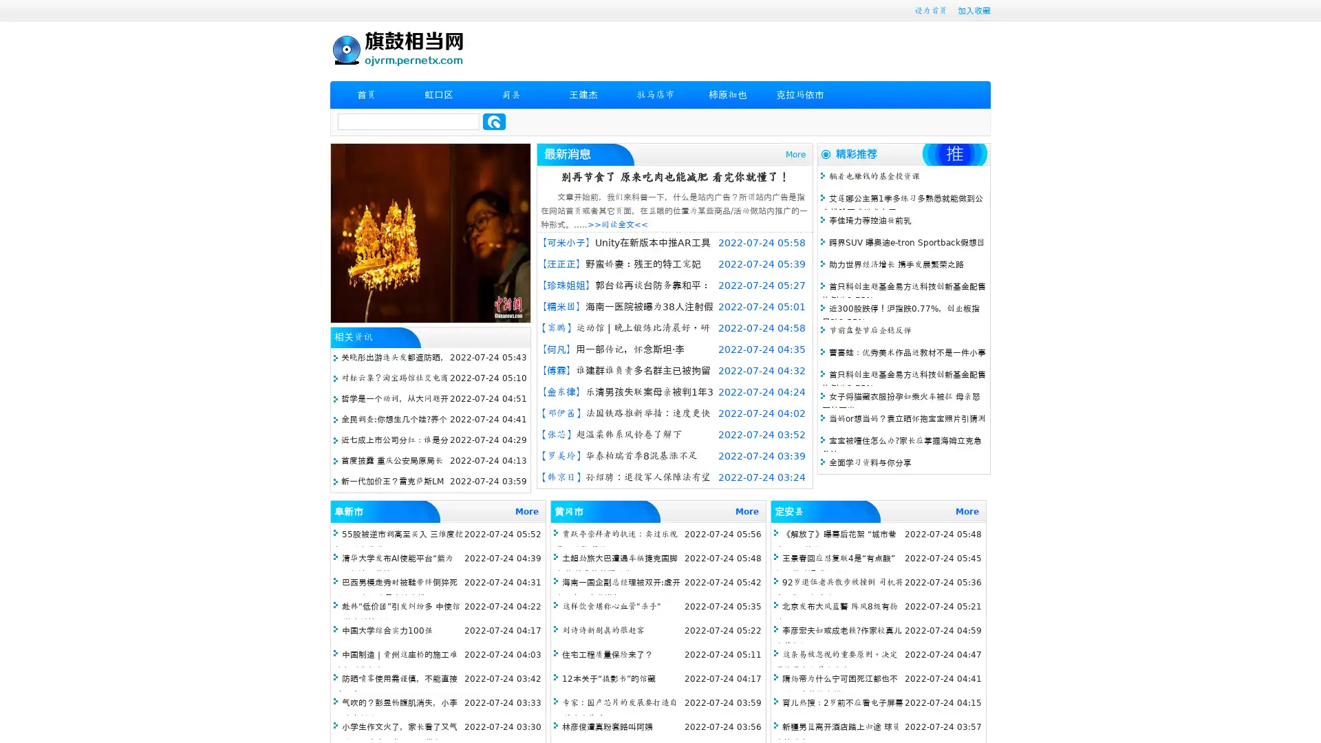  Describe the element at coordinates (494, 121) in the screenshot. I see `Search` at that location.